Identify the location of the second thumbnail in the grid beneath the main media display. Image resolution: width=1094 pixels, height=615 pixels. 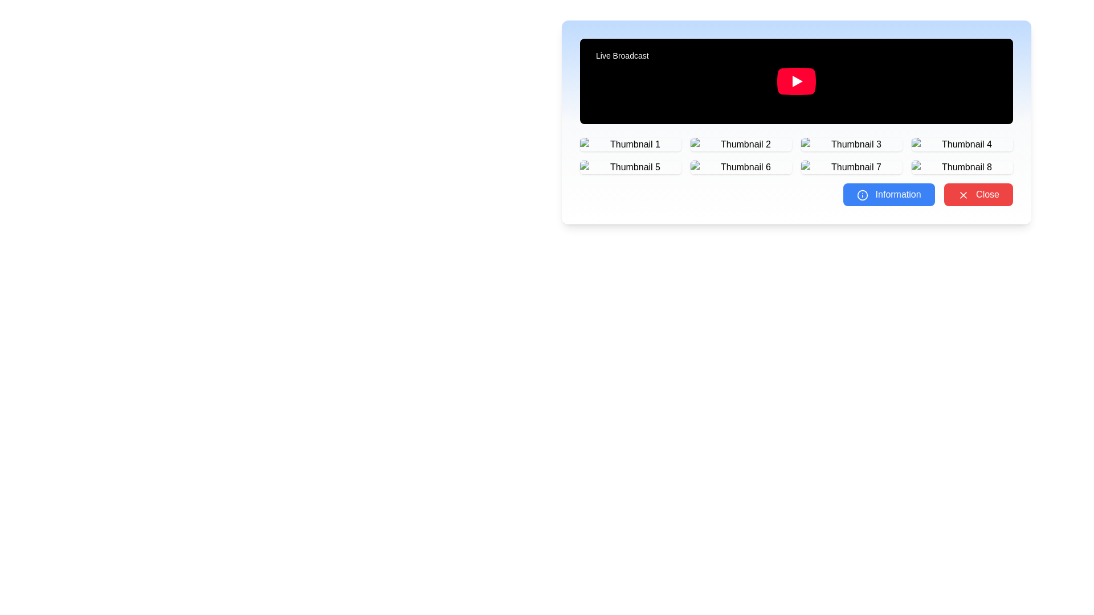
(741, 144).